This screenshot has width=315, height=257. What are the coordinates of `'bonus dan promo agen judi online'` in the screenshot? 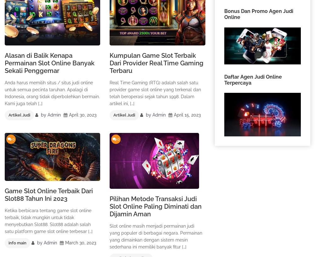 It's located at (224, 14).